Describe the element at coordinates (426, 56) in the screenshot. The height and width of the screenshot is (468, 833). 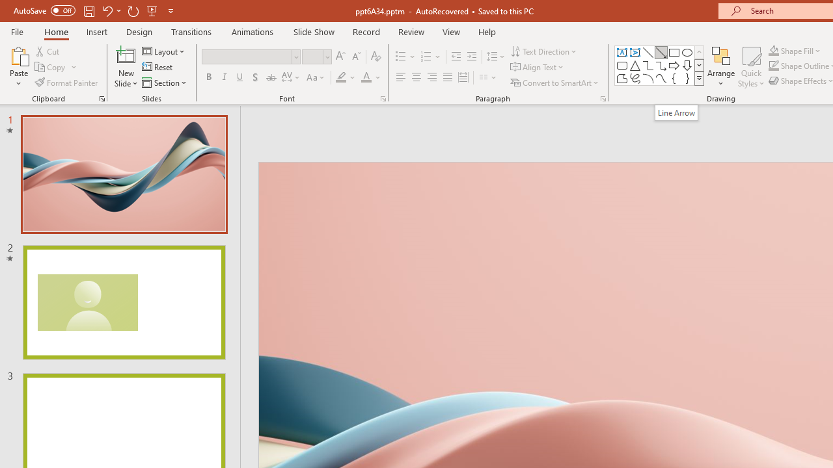
I see `'Numbering'` at that location.